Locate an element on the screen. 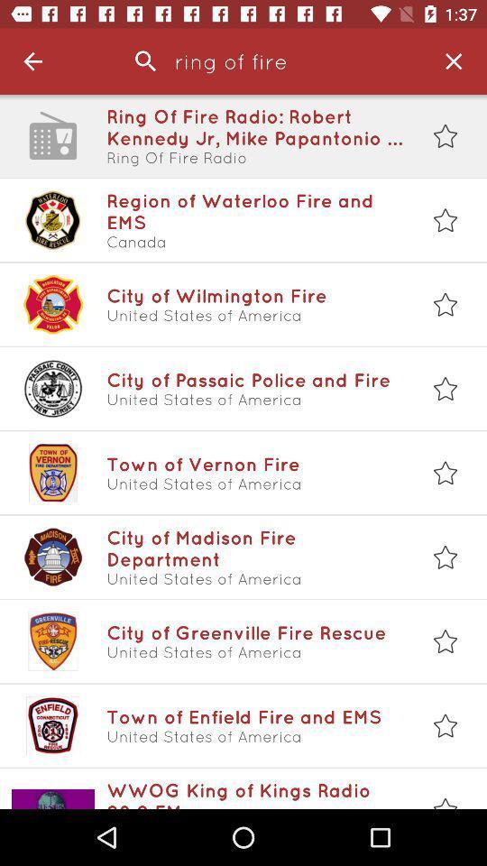  the canada is located at coordinates (254, 241).